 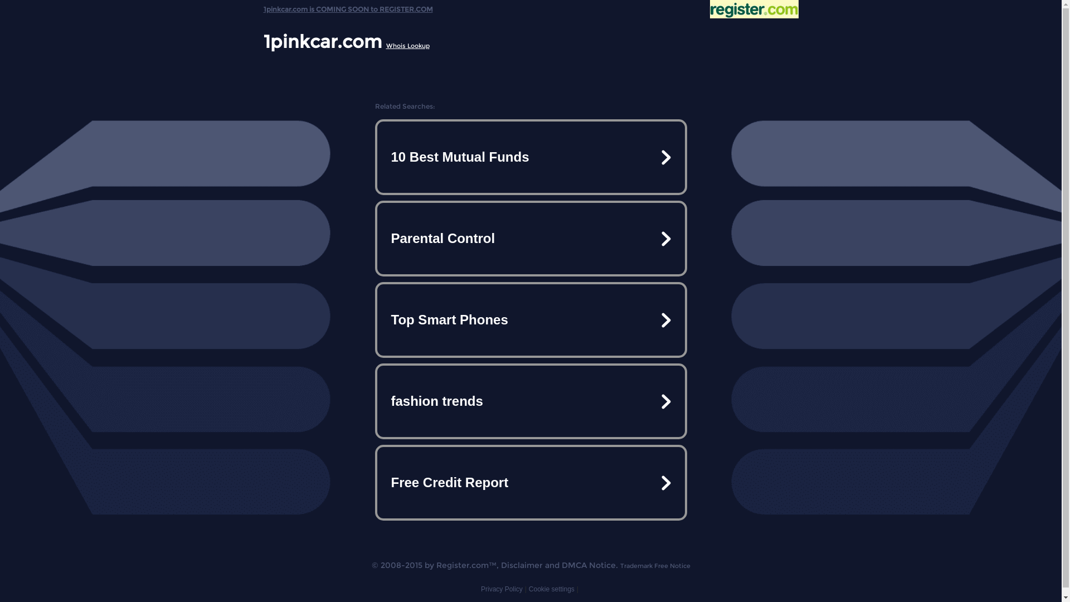 What do you see at coordinates (347, 6) in the screenshot?
I see `'1pinkcar.com is COMING SOON to REGISTER.COM'` at bounding box center [347, 6].